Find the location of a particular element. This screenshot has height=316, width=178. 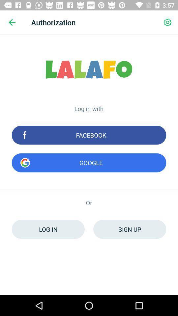

item below the or icon is located at coordinates (130, 229).